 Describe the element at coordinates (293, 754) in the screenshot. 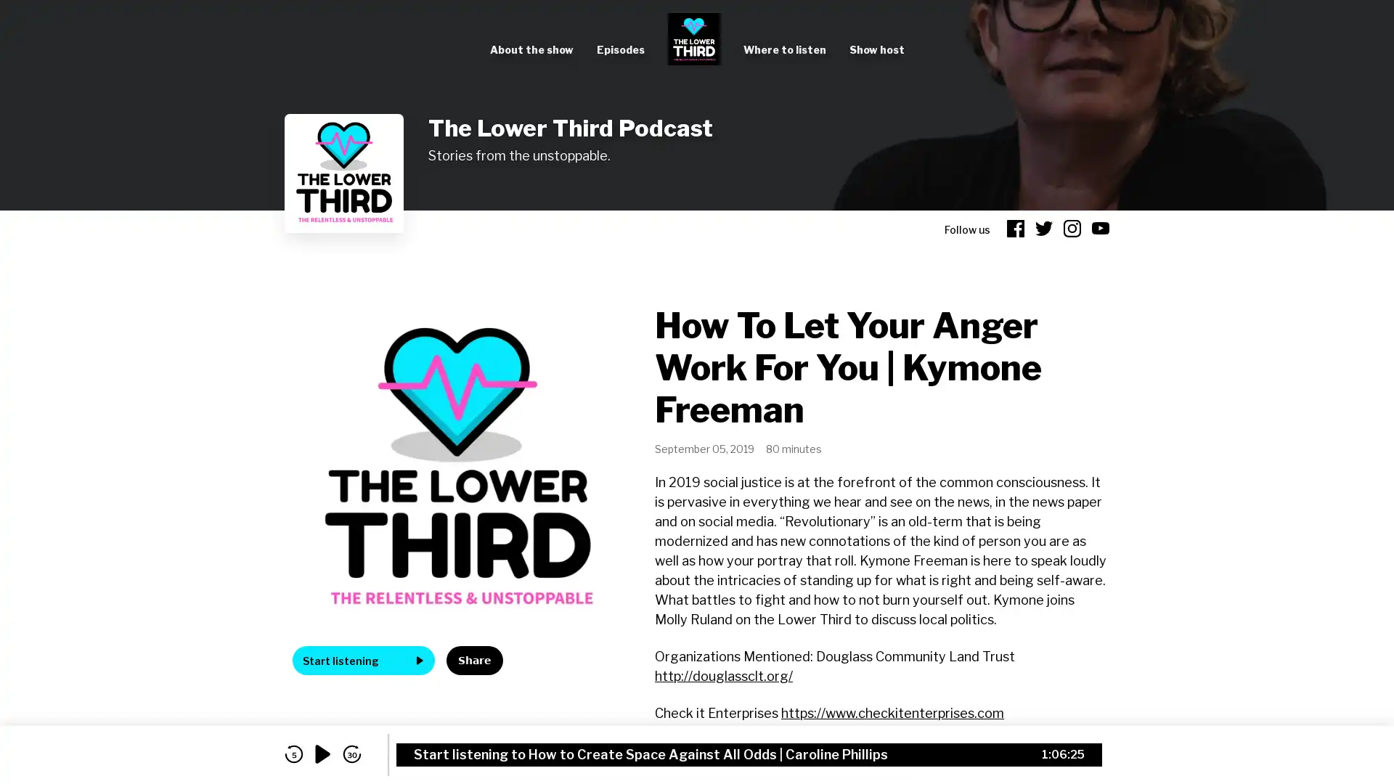

I see `skip back 5 seconds` at that location.